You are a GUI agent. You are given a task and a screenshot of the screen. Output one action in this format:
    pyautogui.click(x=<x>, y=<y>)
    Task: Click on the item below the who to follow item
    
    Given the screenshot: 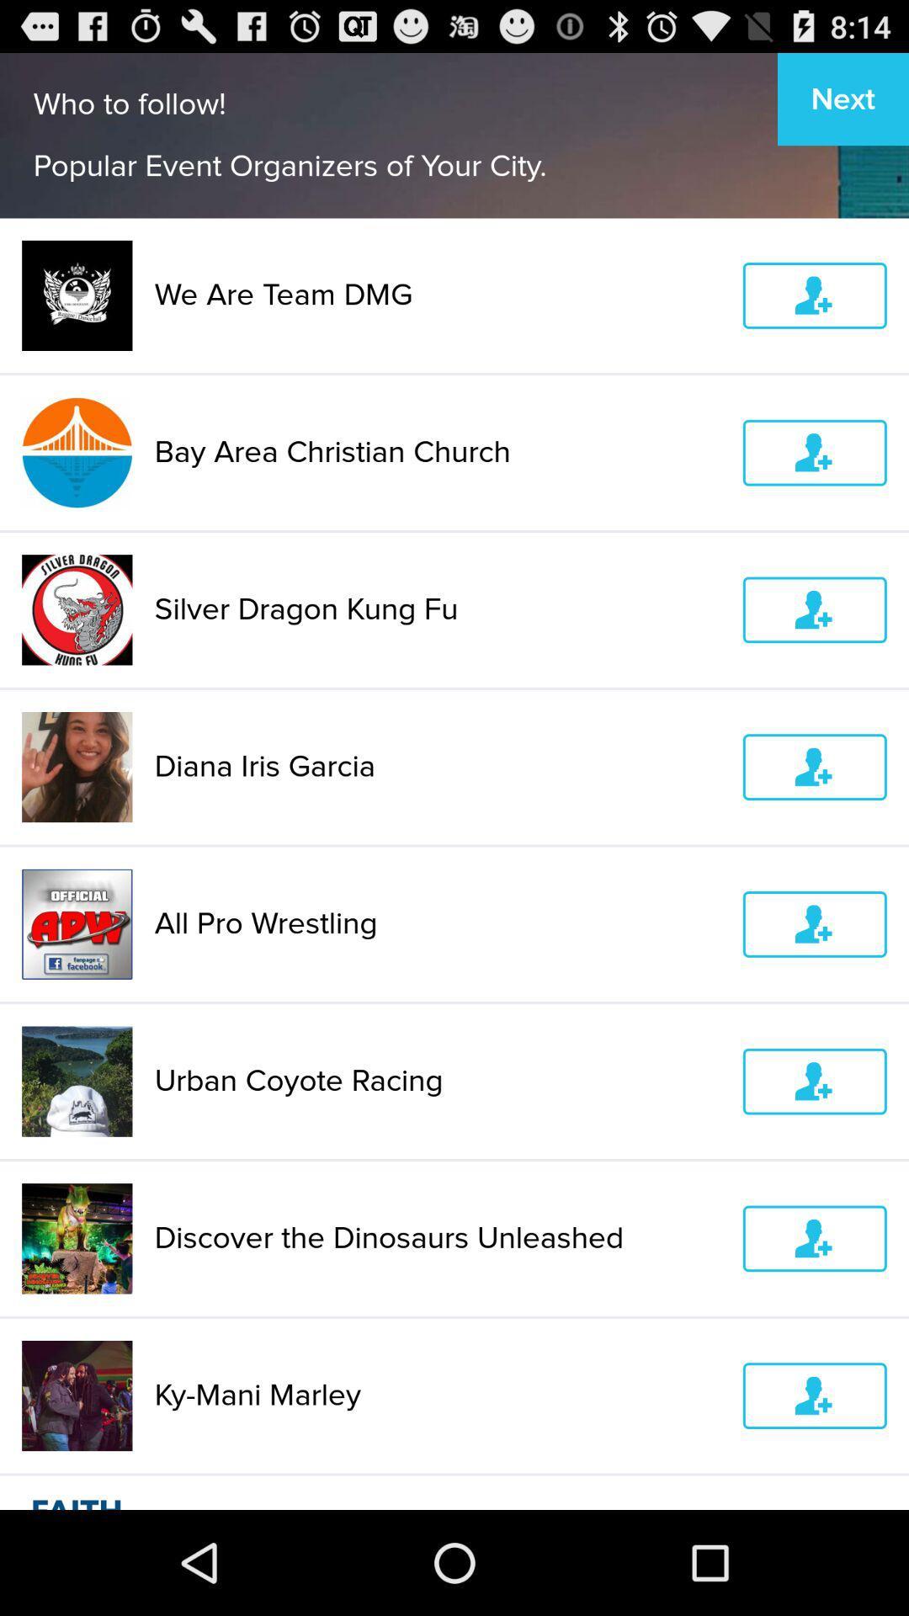 What is the action you would take?
    pyautogui.click(x=437, y=295)
    